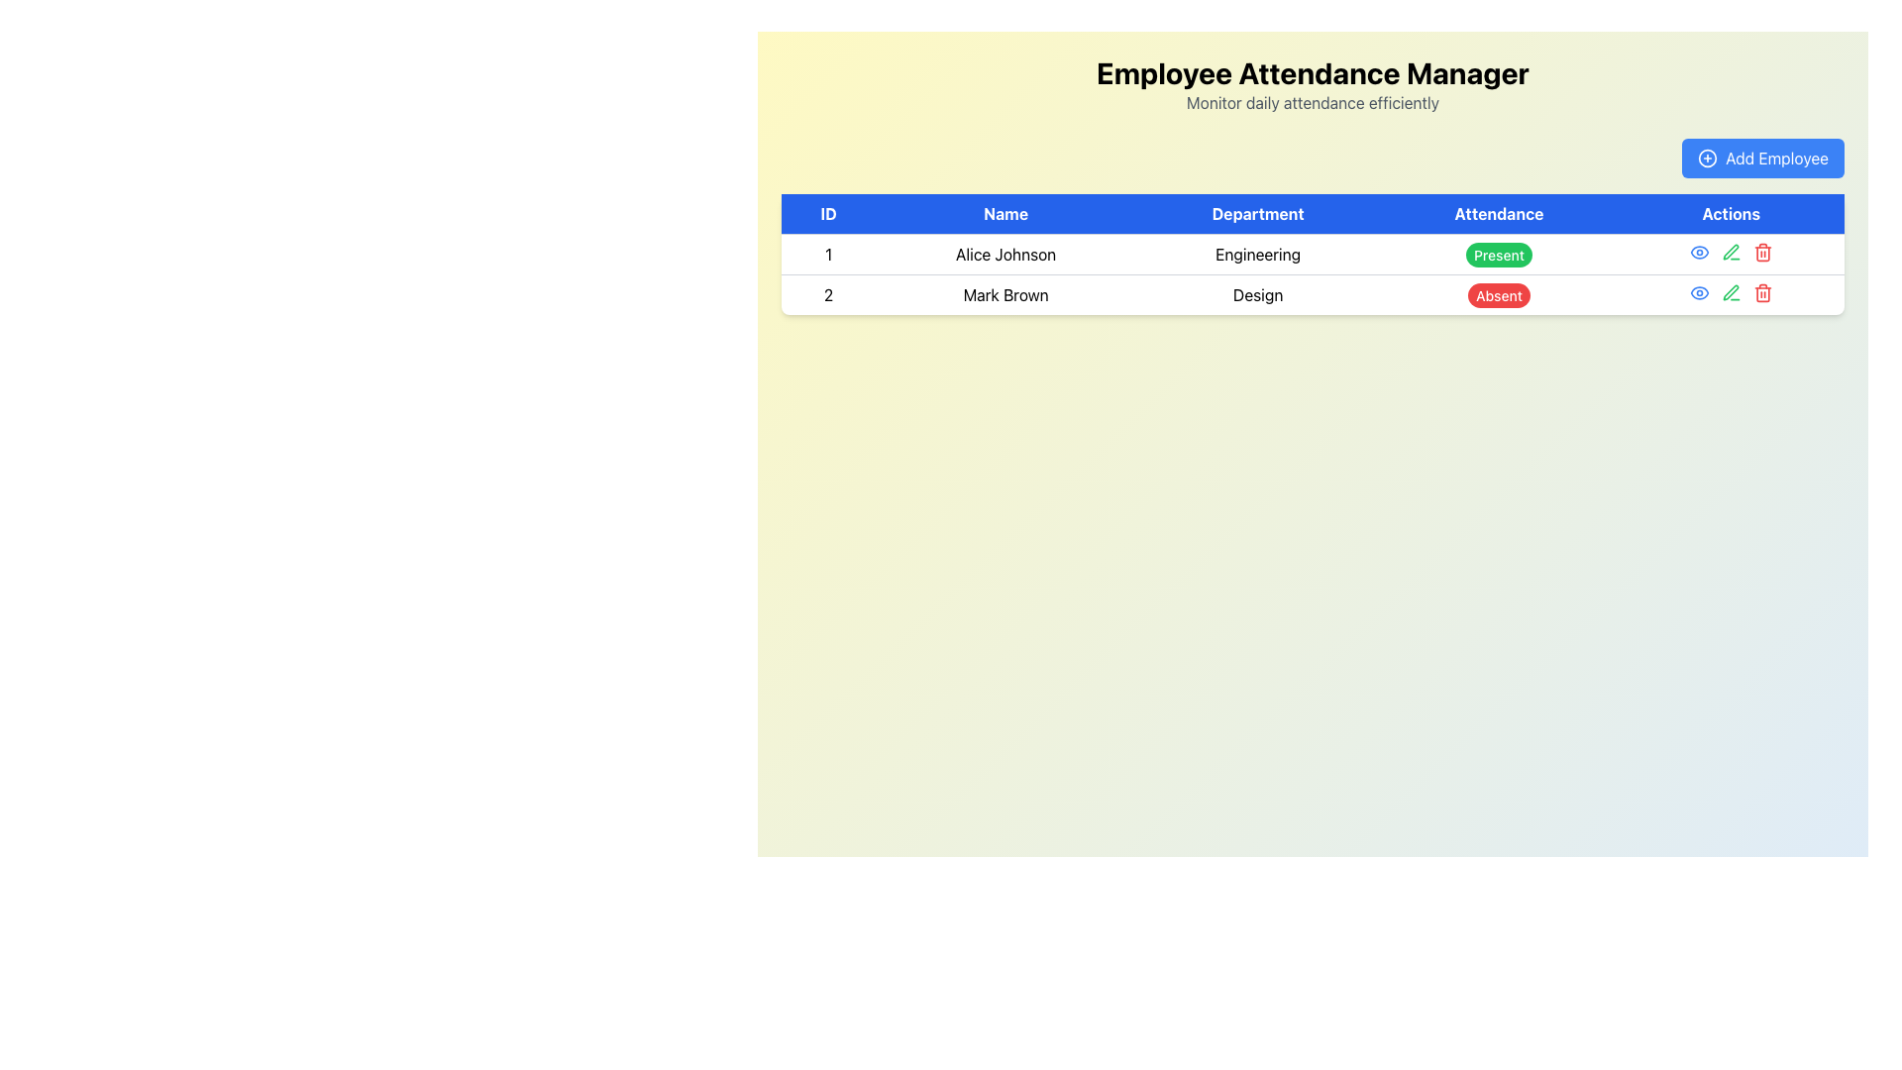  What do you see at coordinates (1762, 293) in the screenshot?
I see `the red trash bin icon in the 'Actions' column of the second row` at bounding box center [1762, 293].